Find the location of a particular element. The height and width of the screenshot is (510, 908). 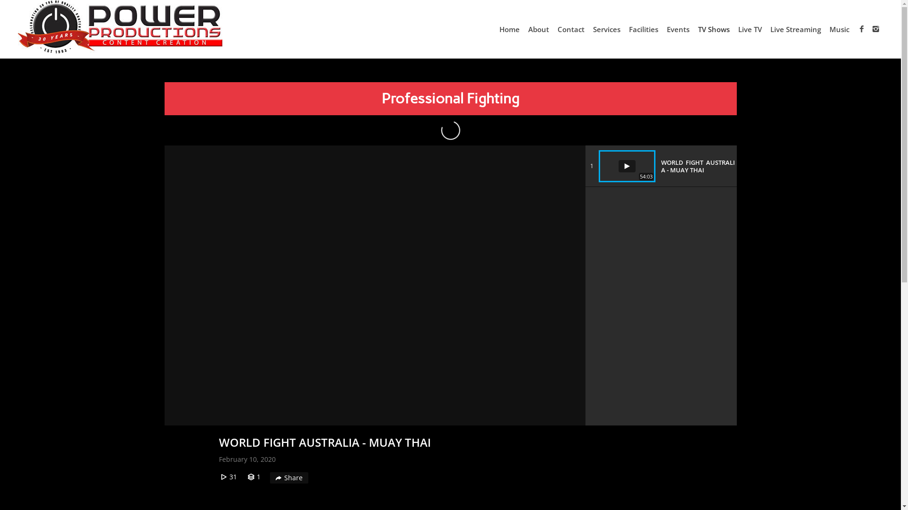

'1 is located at coordinates (660, 165).